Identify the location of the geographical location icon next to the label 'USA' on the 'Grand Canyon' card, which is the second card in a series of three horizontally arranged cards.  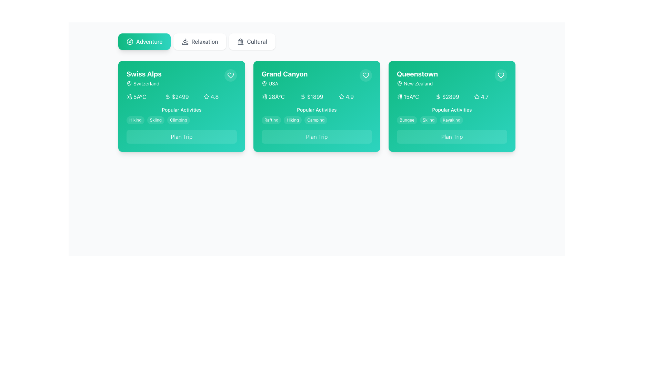
(264, 83).